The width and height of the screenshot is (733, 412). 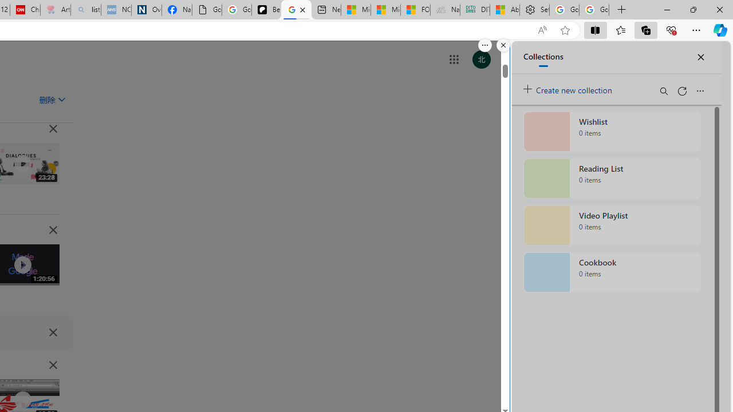 I want to click on 'list of asthma inhalers uk - Search - Sleeping', so click(x=85, y=10).